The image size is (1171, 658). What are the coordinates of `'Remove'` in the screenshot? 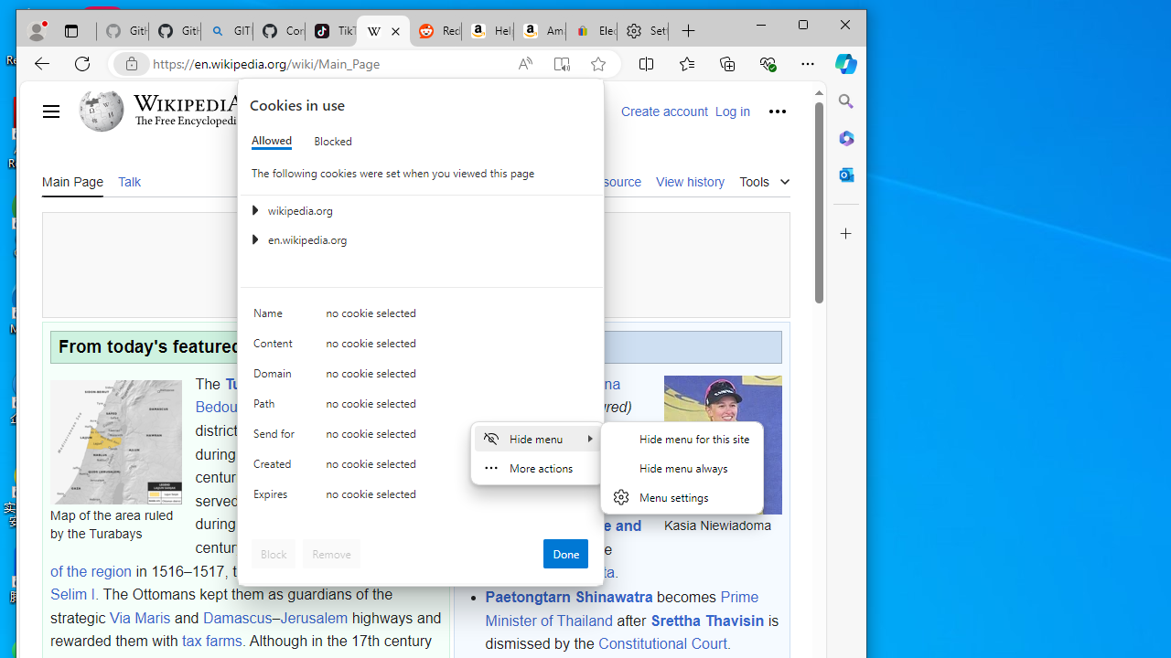 It's located at (331, 552).